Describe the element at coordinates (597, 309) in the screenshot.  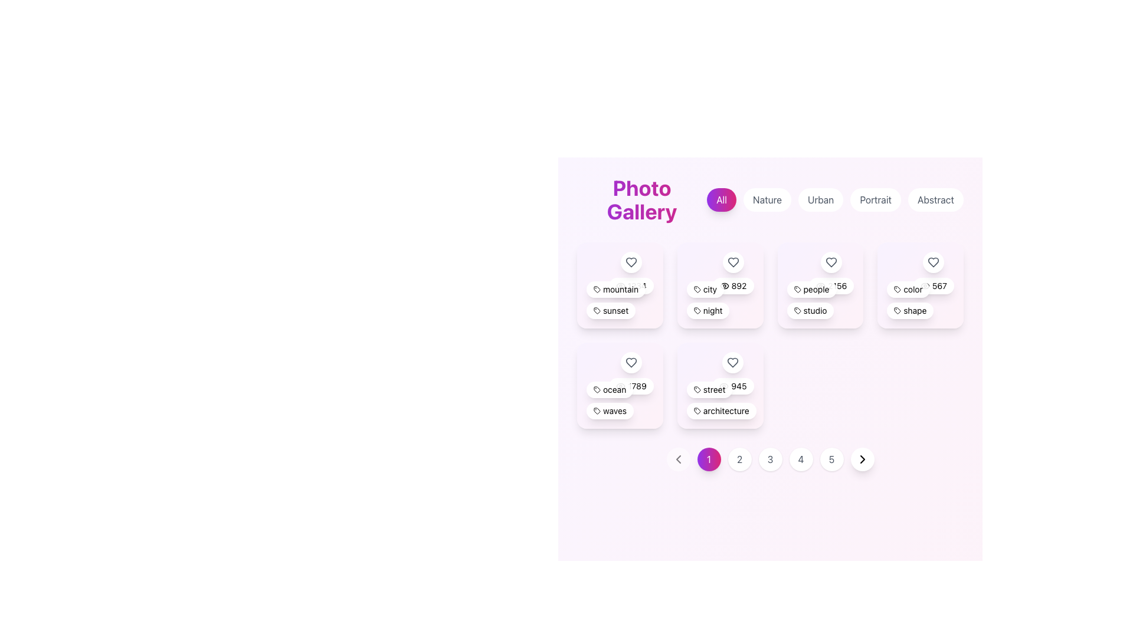
I see `decorative icon representing the 'tag' concept located to the left of the text label 'sunset' in the first card of the second row in the grid layout` at that location.